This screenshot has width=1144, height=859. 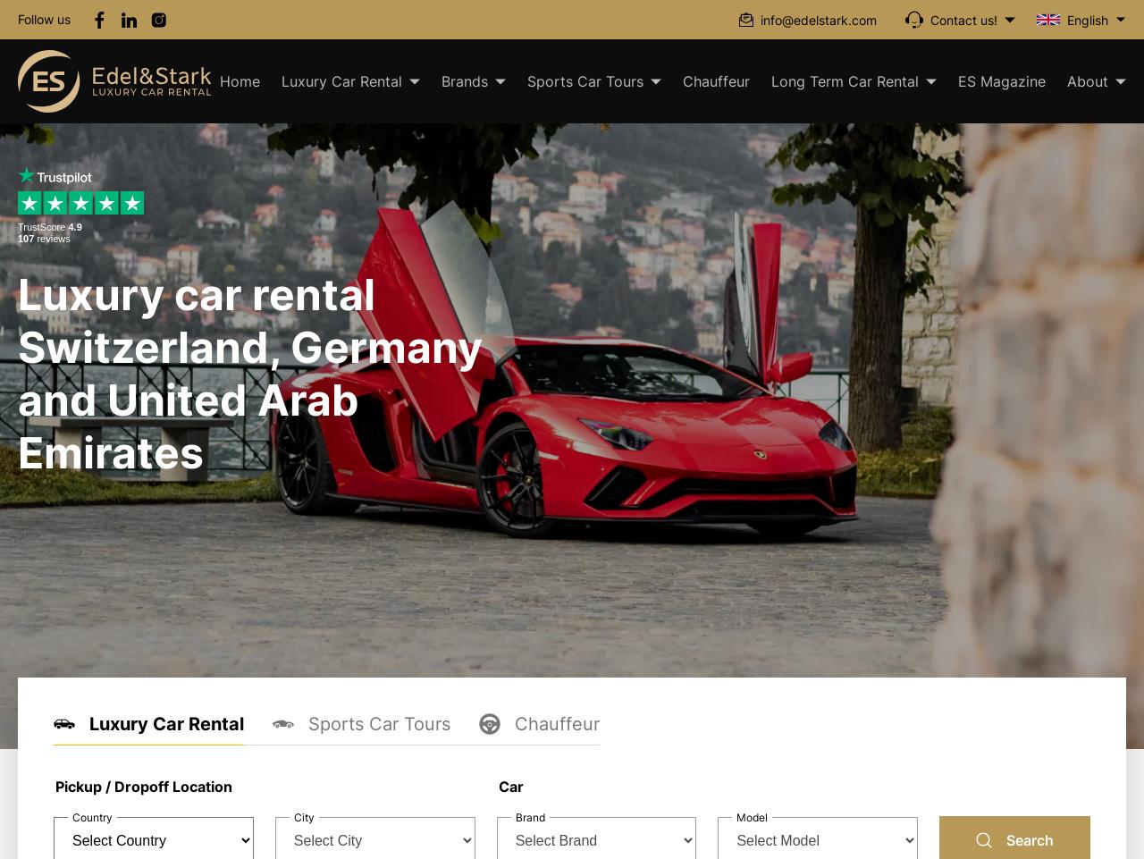 I want to click on 'About', so click(x=1087, y=81).